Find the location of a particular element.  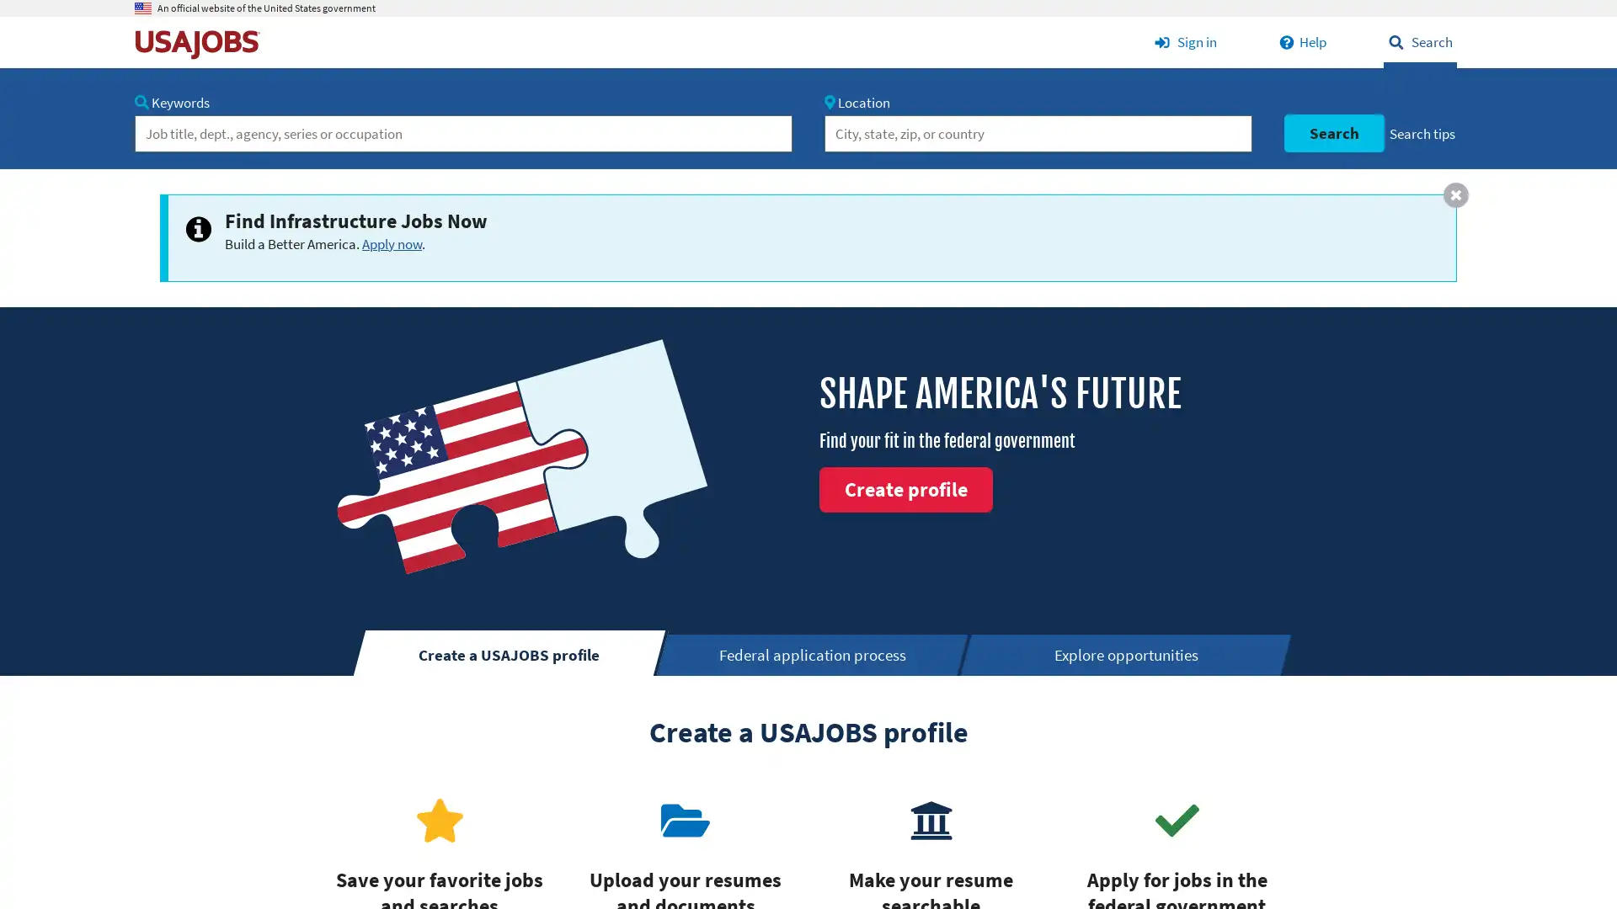

Explore opportunities is located at coordinates (1127, 654).